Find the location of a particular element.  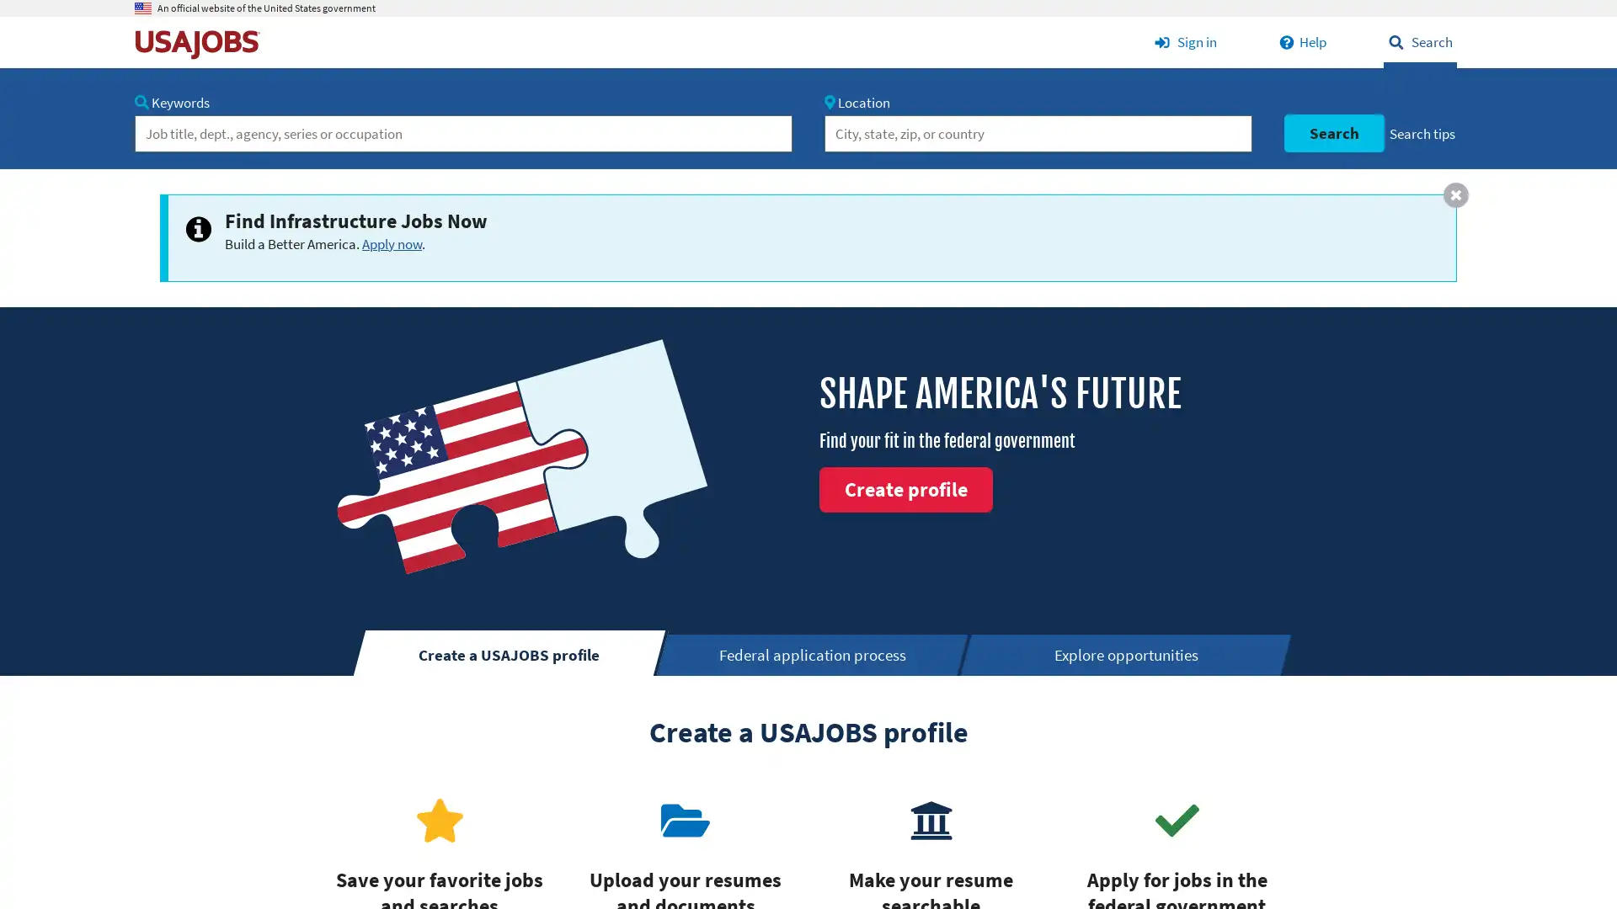

Explore opportunities is located at coordinates (1127, 654).